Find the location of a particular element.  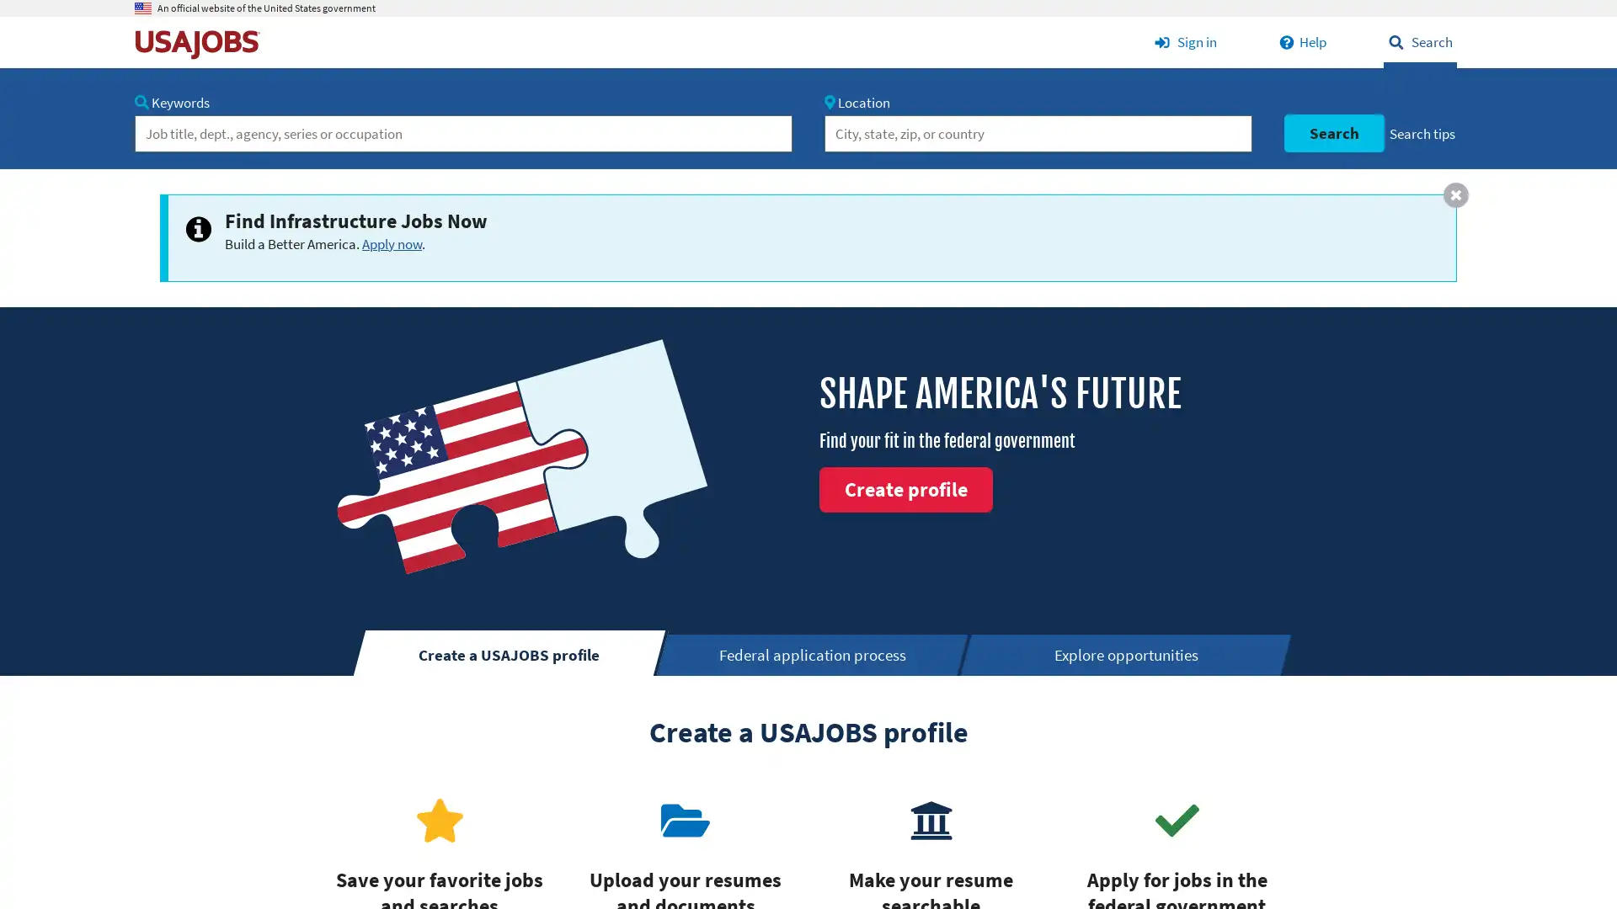

Explore opportunities is located at coordinates (1127, 654).